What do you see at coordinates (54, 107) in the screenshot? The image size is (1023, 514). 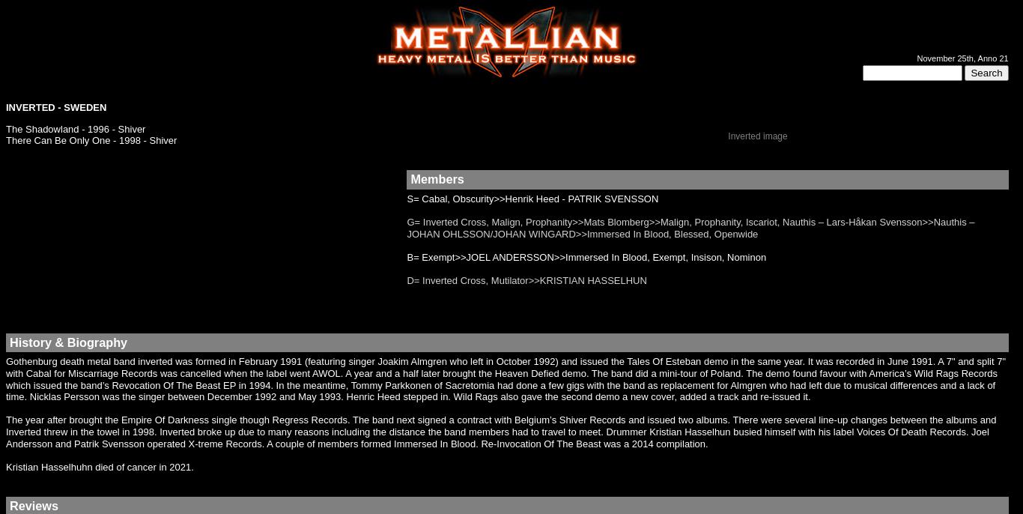 I see `'- SWEDEN'` at bounding box center [54, 107].